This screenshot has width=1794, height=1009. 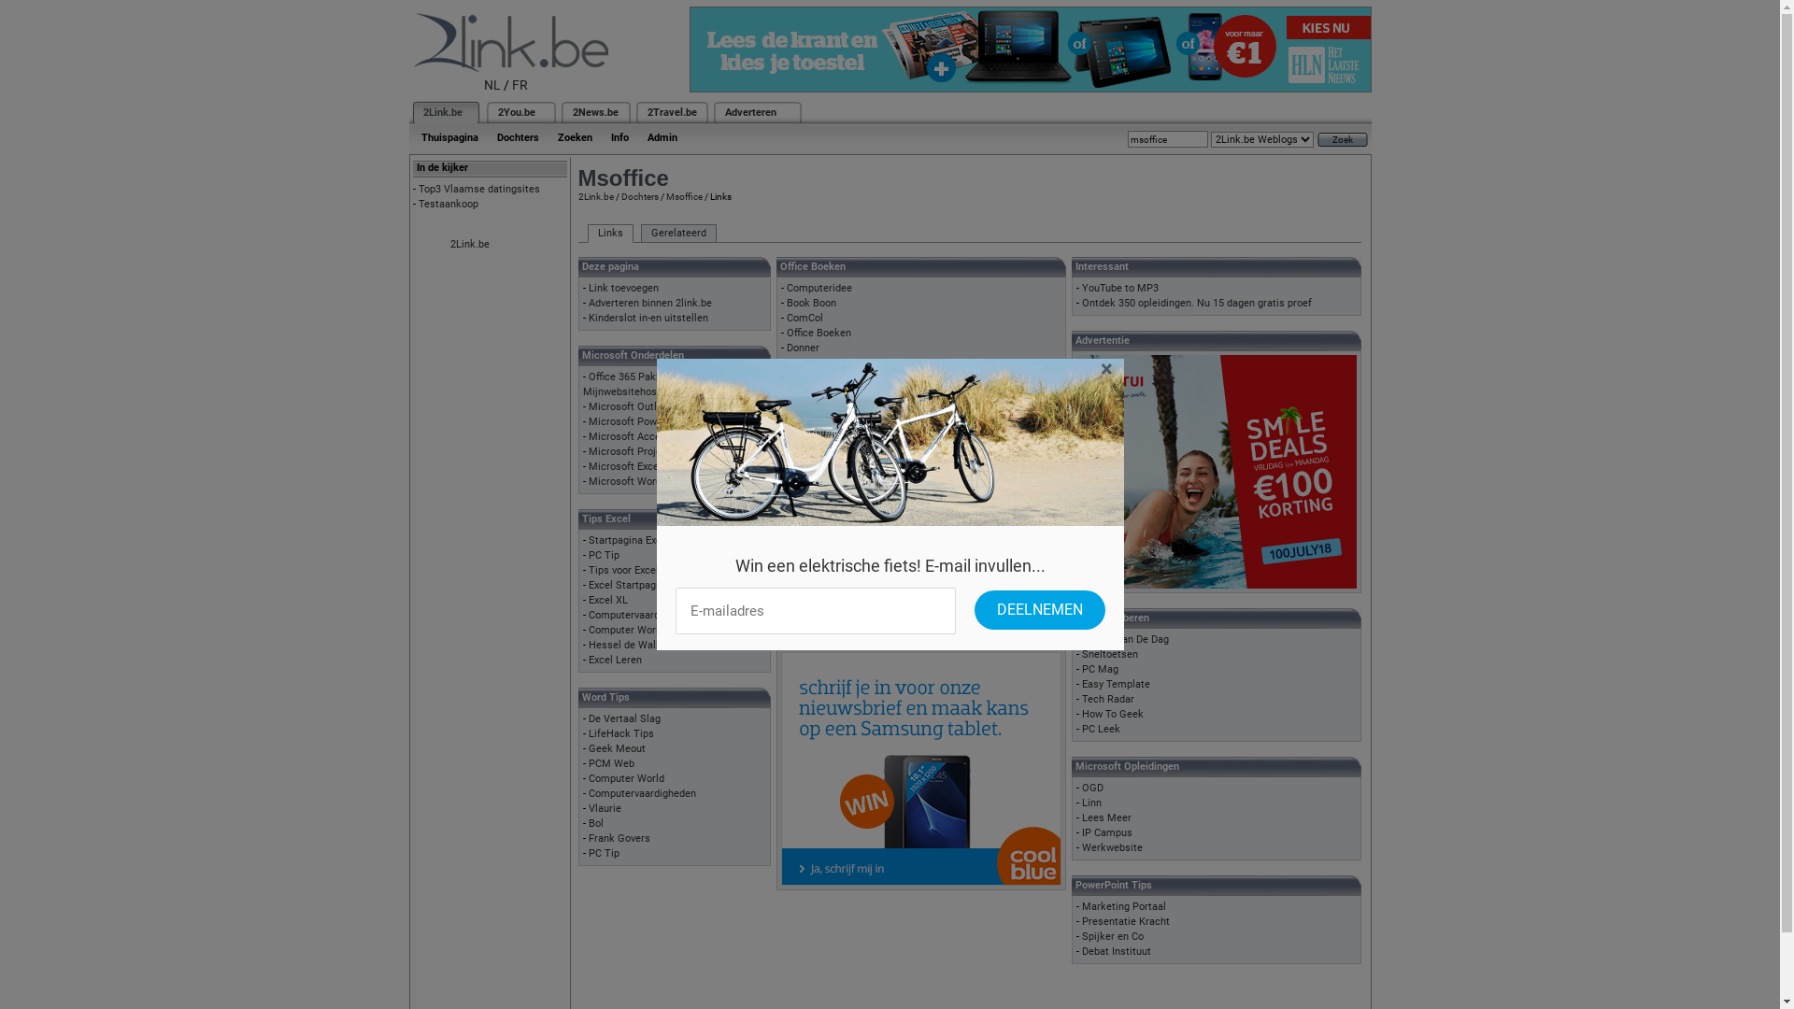 I want to click on 'Microsoft Word', so click(x=624, y=480).